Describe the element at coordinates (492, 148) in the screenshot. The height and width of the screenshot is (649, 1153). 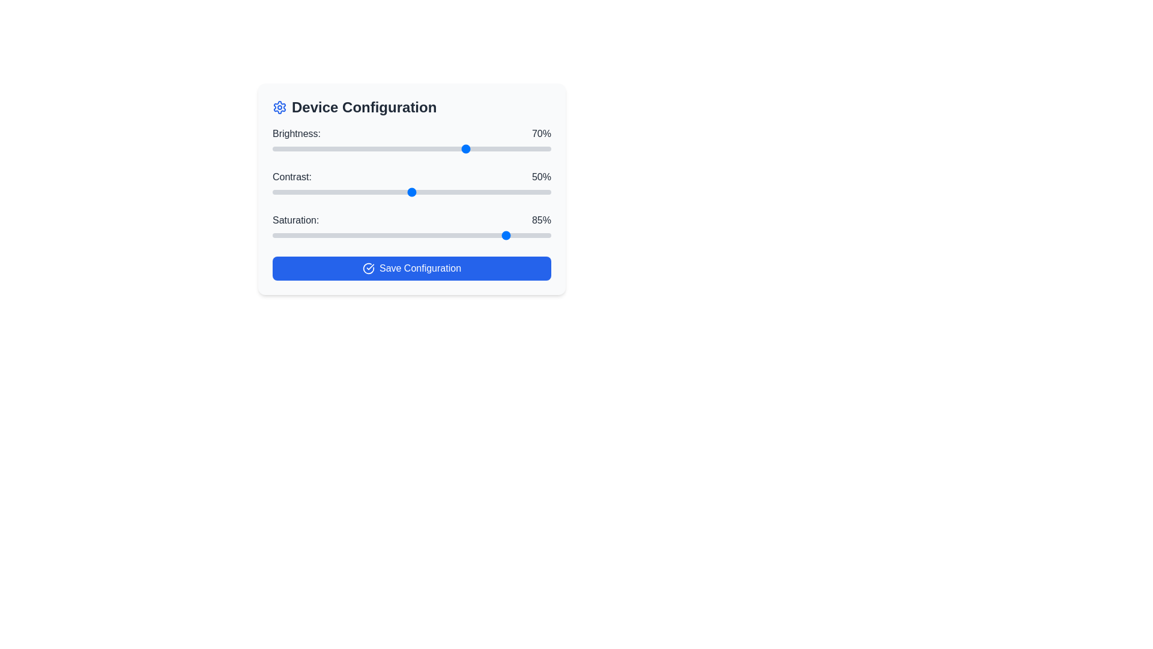
I see `brightness` at that location.